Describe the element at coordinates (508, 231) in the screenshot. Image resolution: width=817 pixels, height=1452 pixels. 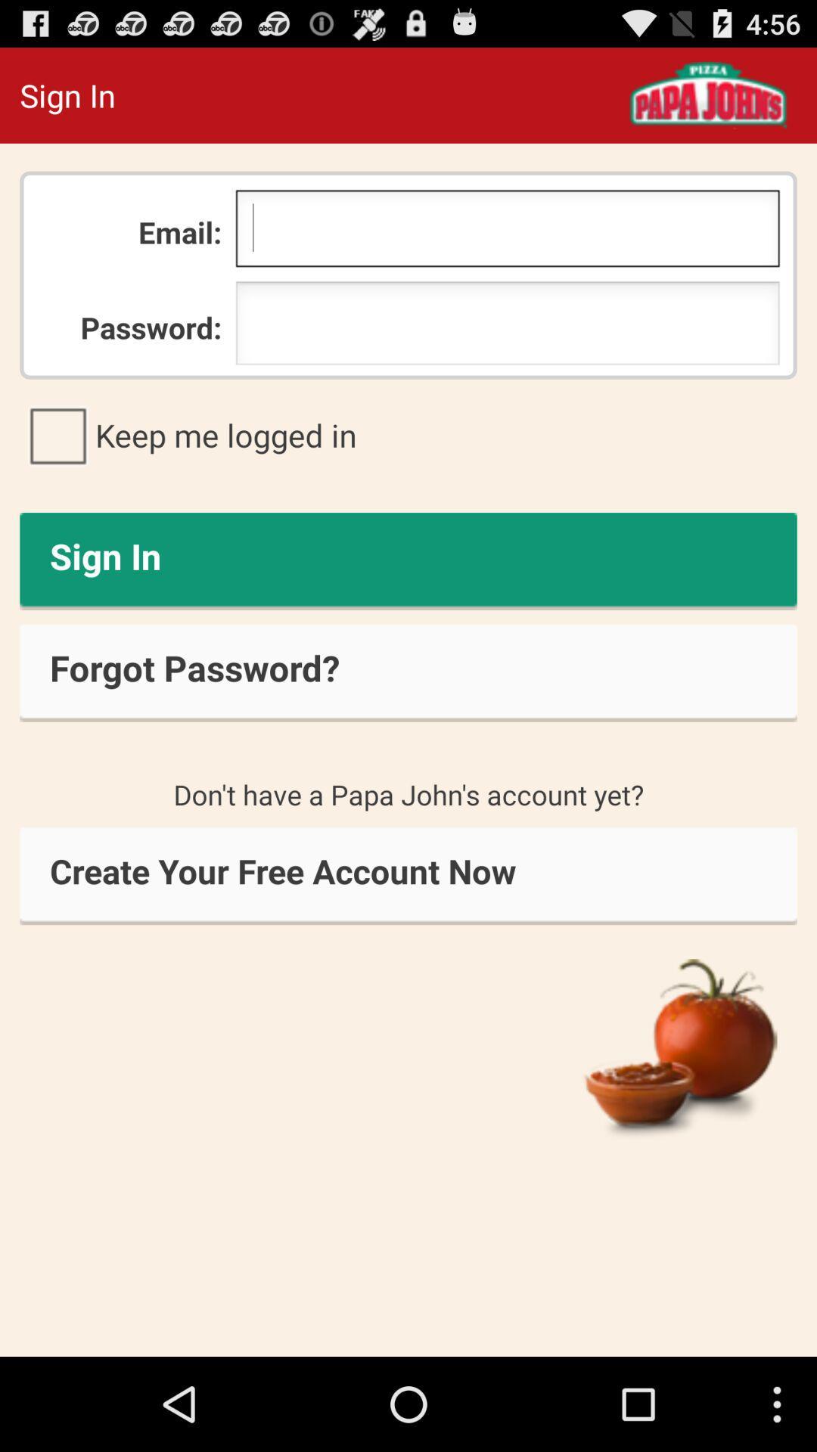
I see `type your email` at that location.